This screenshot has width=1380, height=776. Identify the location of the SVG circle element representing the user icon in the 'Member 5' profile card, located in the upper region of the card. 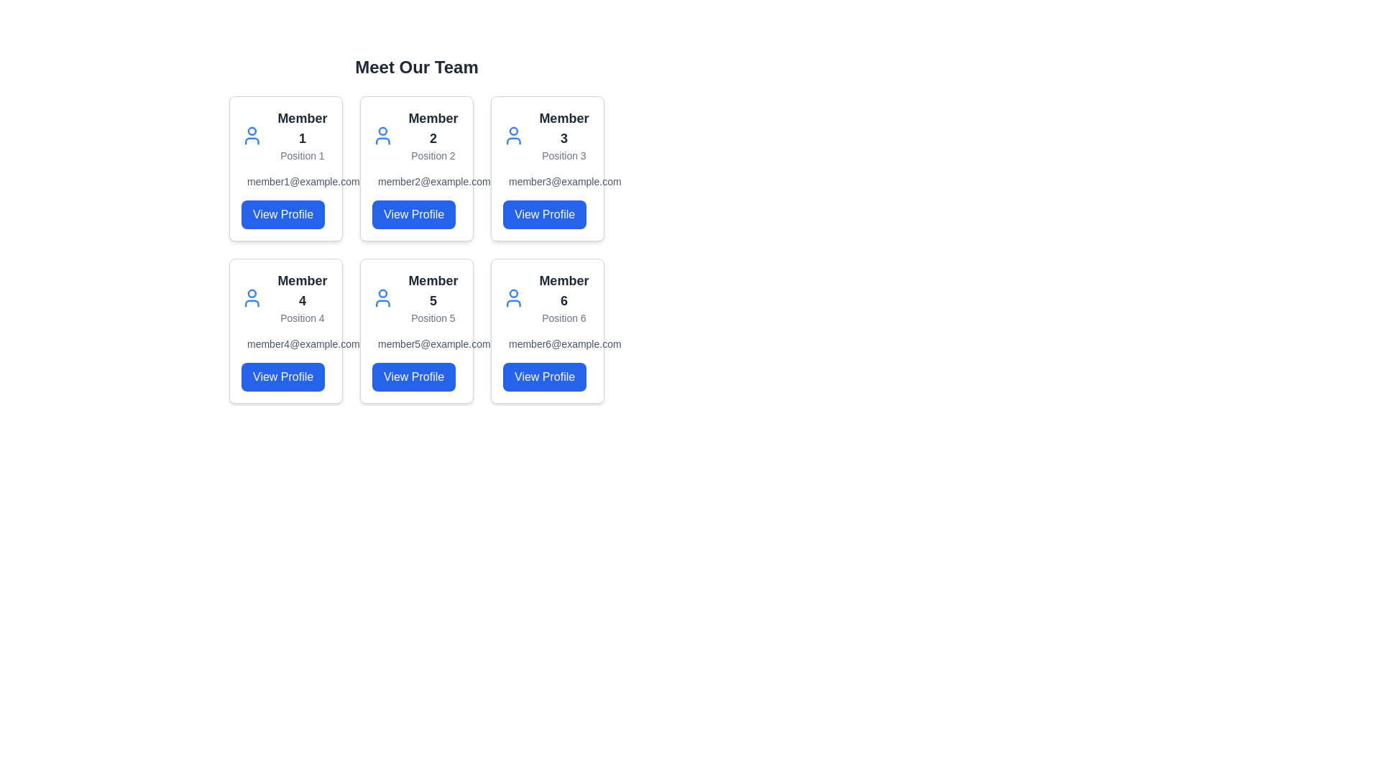
(382, 292).